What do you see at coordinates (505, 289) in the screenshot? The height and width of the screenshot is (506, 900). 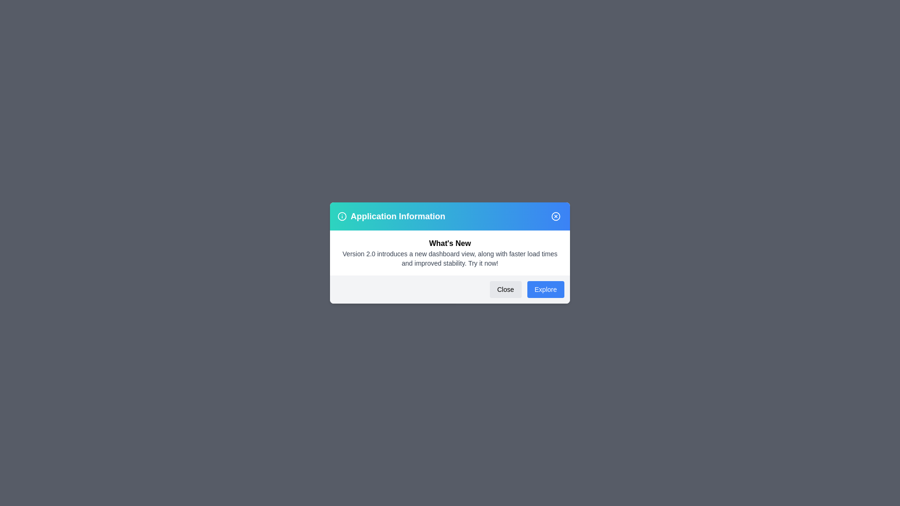 I see `the 'Close' button in the footer of the dialog` at bounding box center [505, 289].